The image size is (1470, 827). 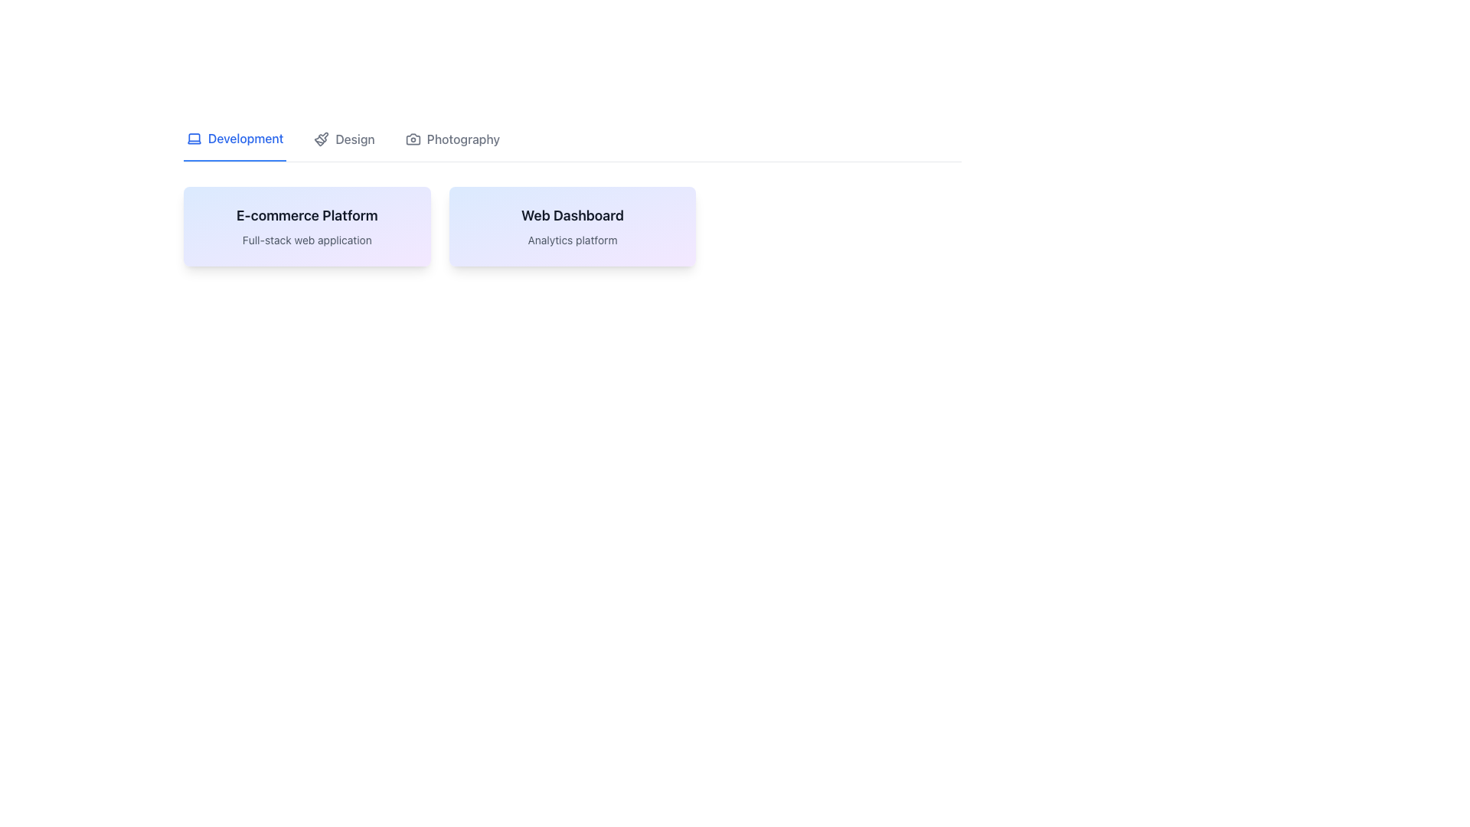 I want to click on the descriptive text label located below the 'Web Dashboard' heading in the center-right card UI, so click(x=572, y=240).